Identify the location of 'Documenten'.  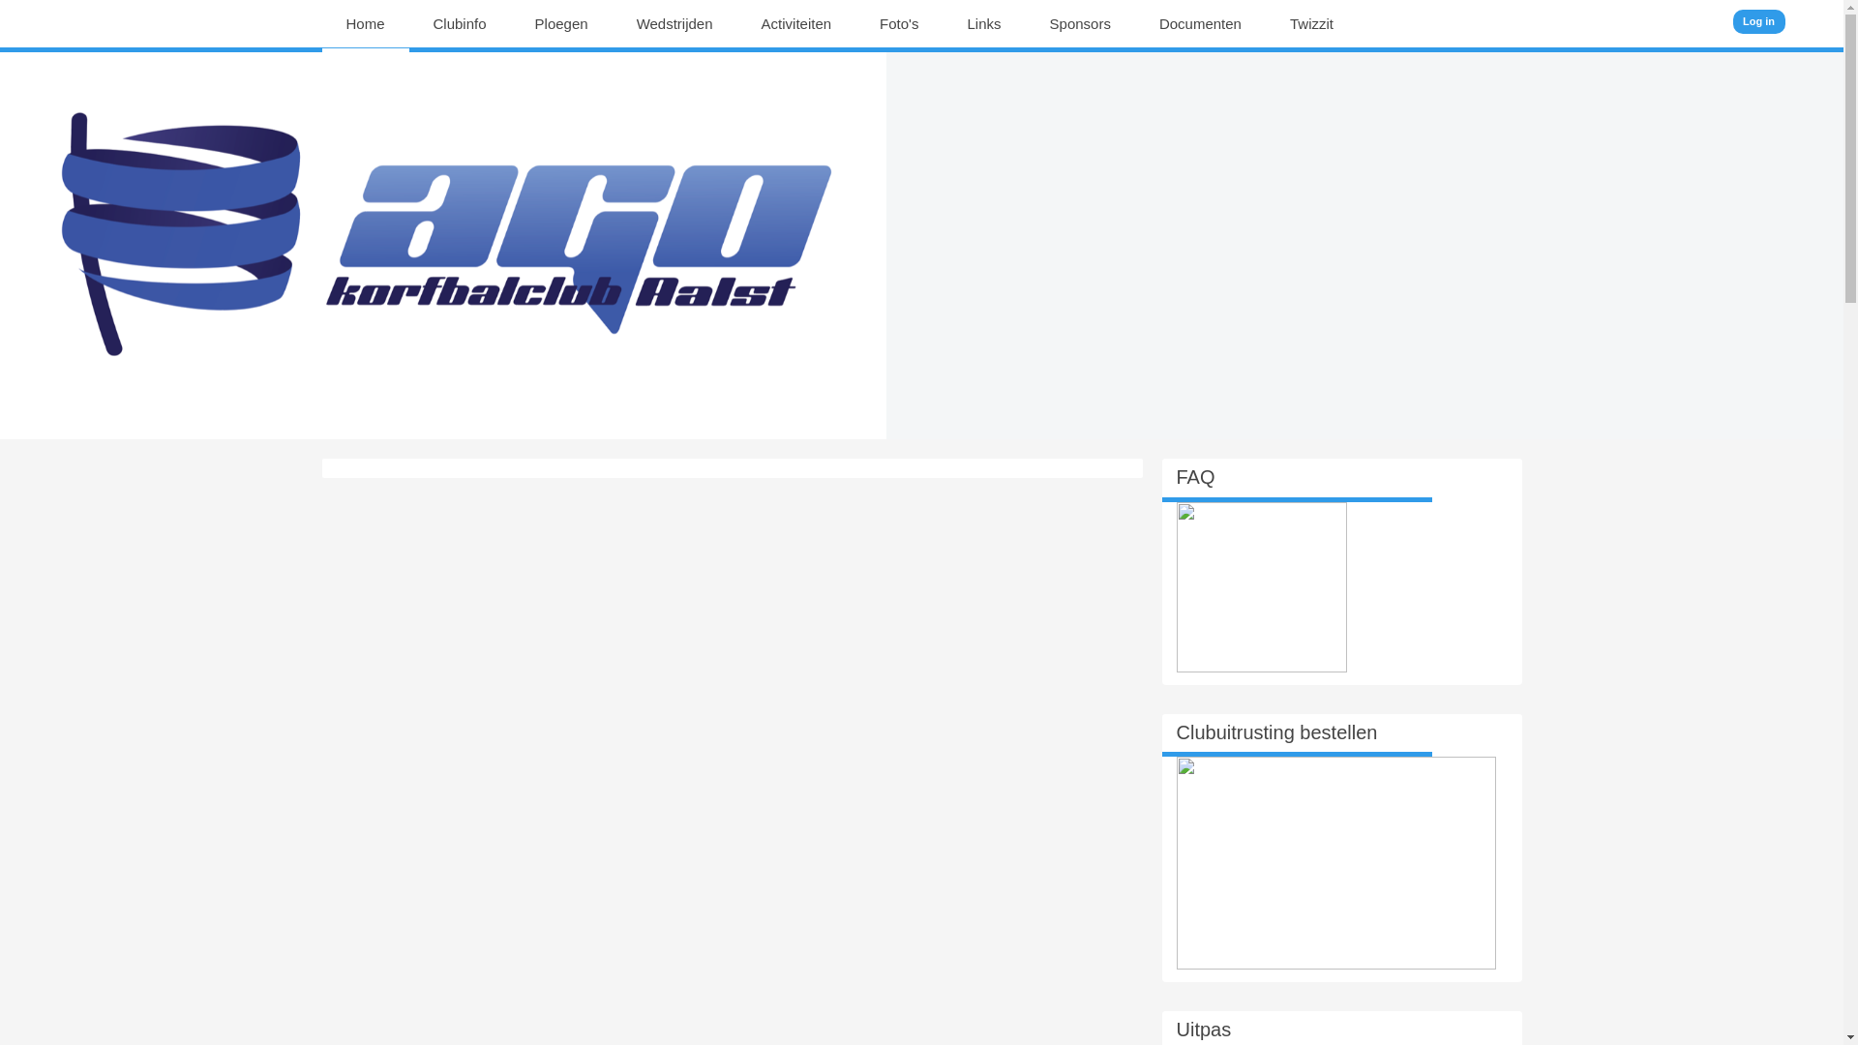
(1159, 23).